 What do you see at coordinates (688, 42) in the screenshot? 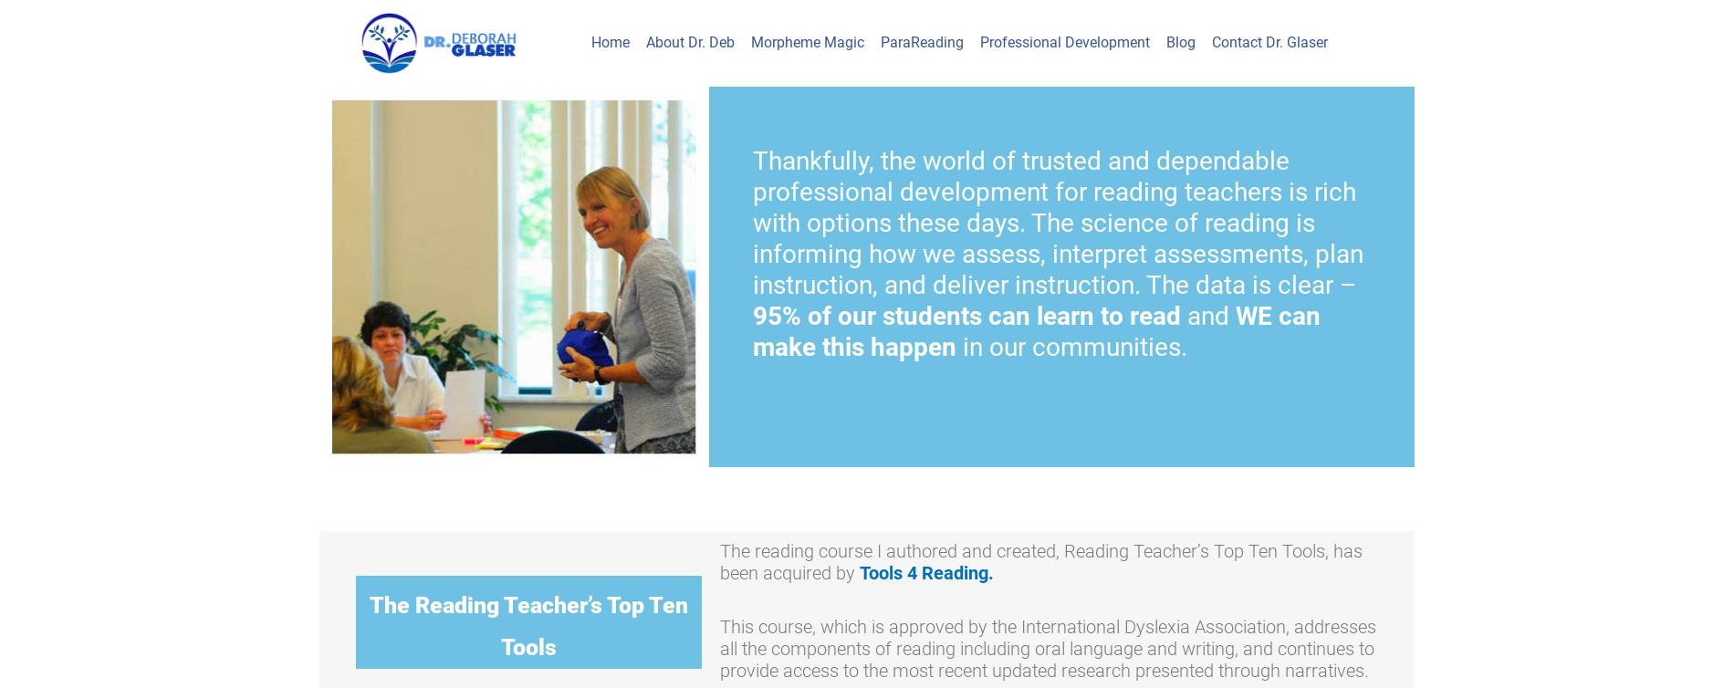
I see `'About Dr. Deb'` at bounding box center [688, 42].